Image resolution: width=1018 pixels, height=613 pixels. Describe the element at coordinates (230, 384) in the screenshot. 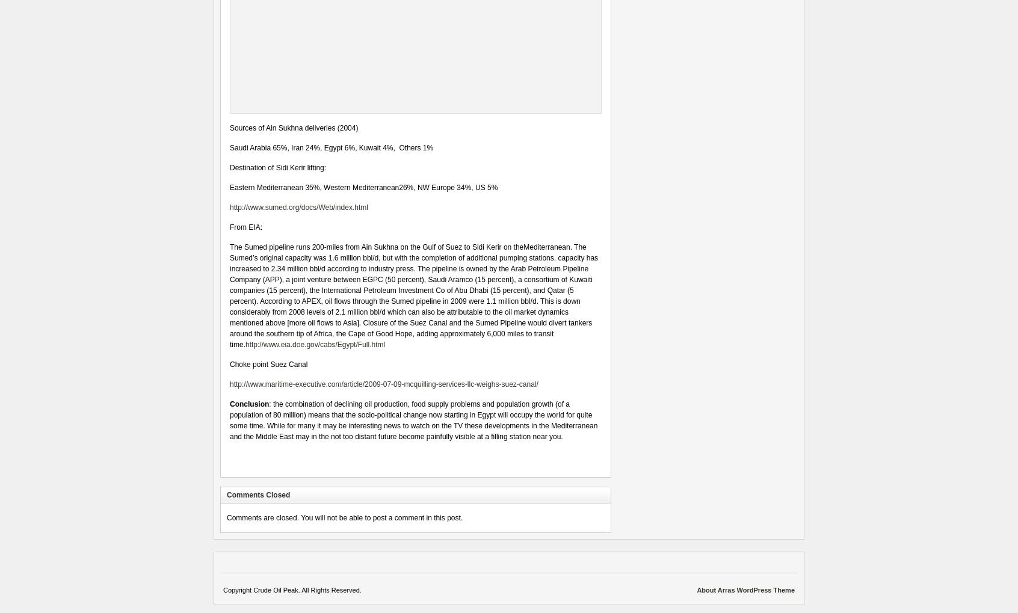

I see `'http://www.maritime-executive.com/article/2009-07-09-mcquilling-services-llc-weighs-suez-canal/'` at that location.